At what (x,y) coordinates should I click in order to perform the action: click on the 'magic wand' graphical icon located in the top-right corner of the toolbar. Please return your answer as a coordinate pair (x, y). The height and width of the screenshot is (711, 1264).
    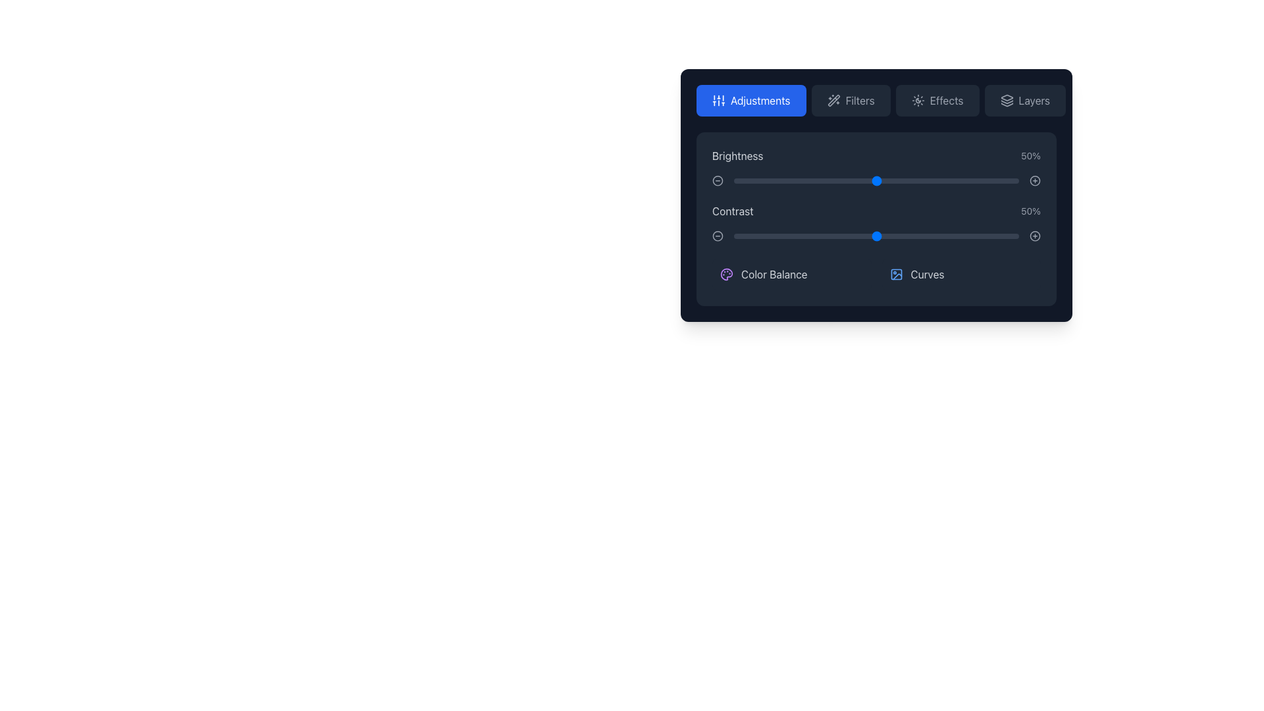
    Looking at the image, I should click on (833, 100).